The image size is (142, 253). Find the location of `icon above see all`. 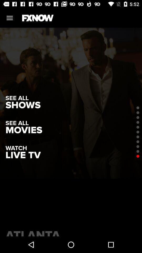

icon above see all is located at coordinates (23, 105).